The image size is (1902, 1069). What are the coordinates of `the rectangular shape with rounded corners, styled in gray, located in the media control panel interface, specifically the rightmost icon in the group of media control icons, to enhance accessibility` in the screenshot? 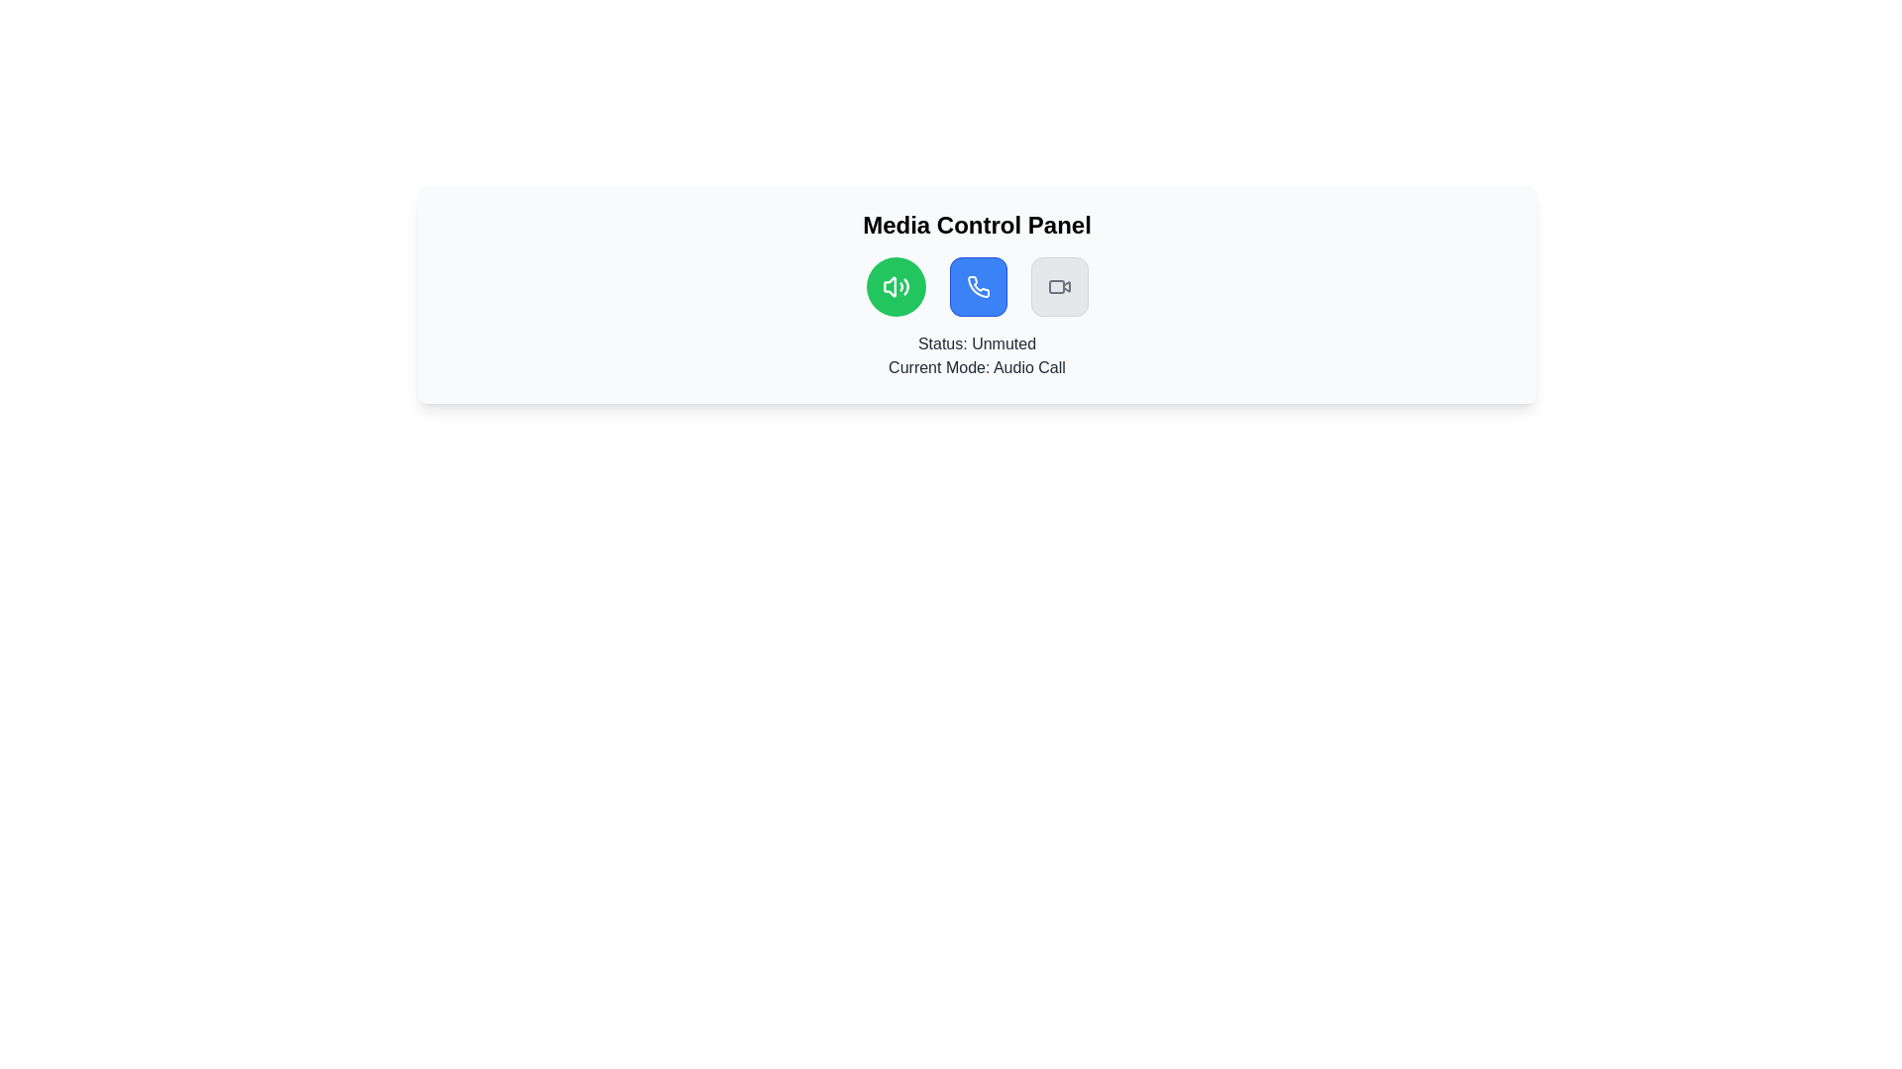 It's located at (1055, 286).